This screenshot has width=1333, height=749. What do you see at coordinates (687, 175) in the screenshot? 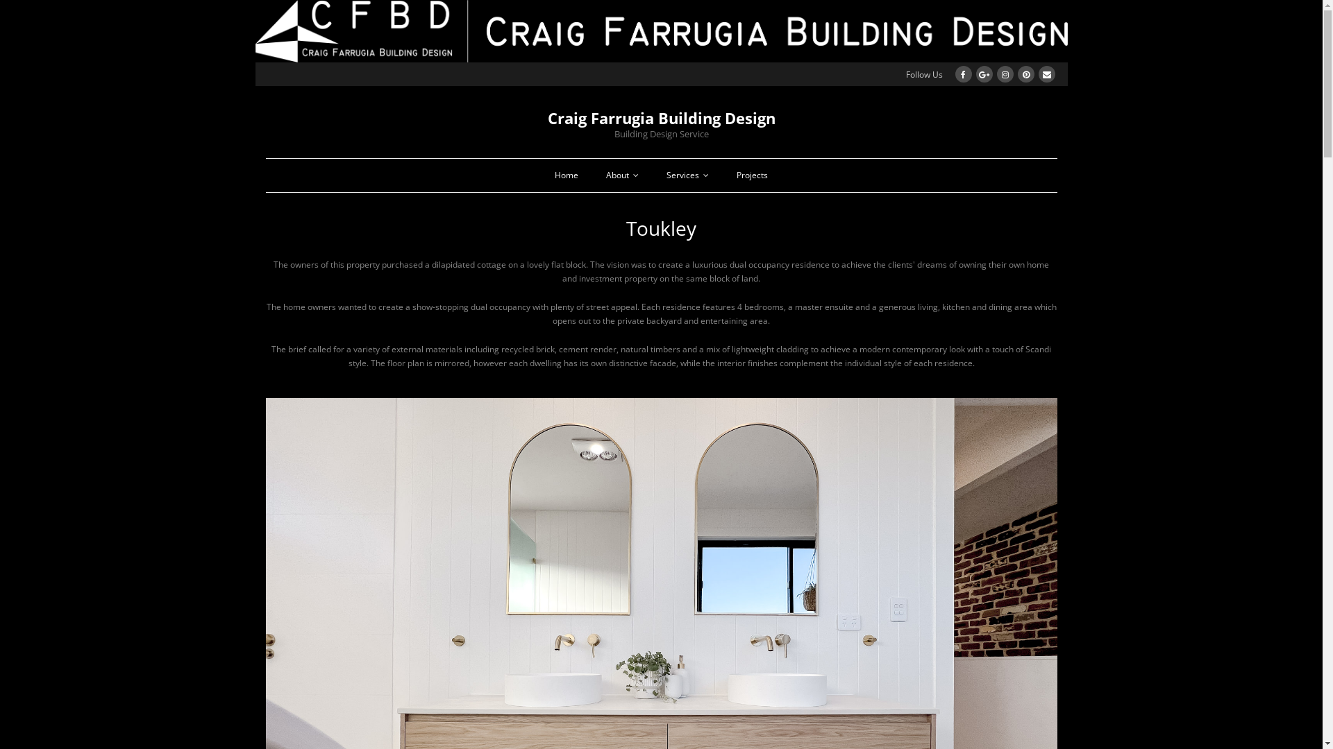
I see `'Services'` at bounding box center [687, 175].